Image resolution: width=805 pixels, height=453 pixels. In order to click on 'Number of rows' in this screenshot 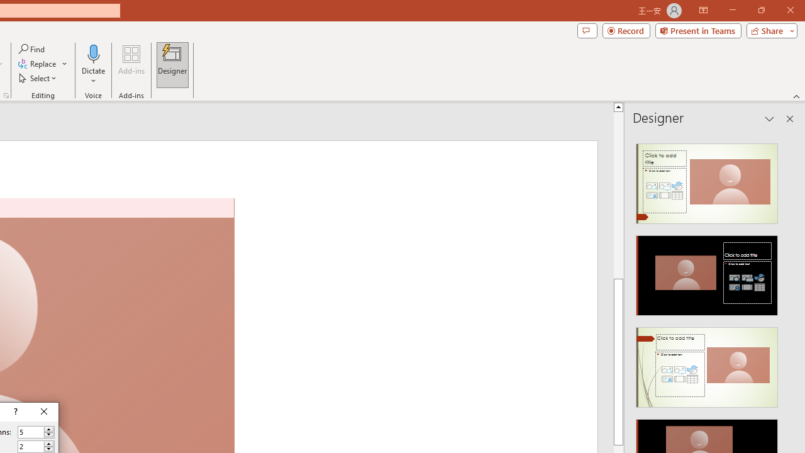, I will do `click(31, 446)`.